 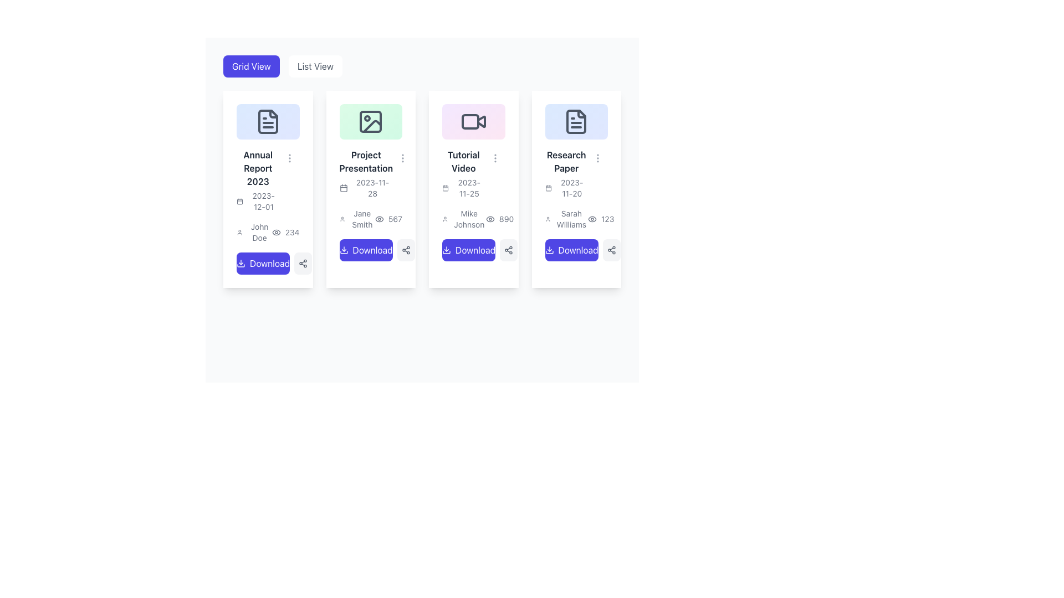 What do you see at coordinates (303, 263) in the screenshot?
I see `the small circular button with a light gray background and a share symbol icon, located to the immediate right of the 'Download' button in the 'Annual Report 2023' card` at bounding box center [303, 263].